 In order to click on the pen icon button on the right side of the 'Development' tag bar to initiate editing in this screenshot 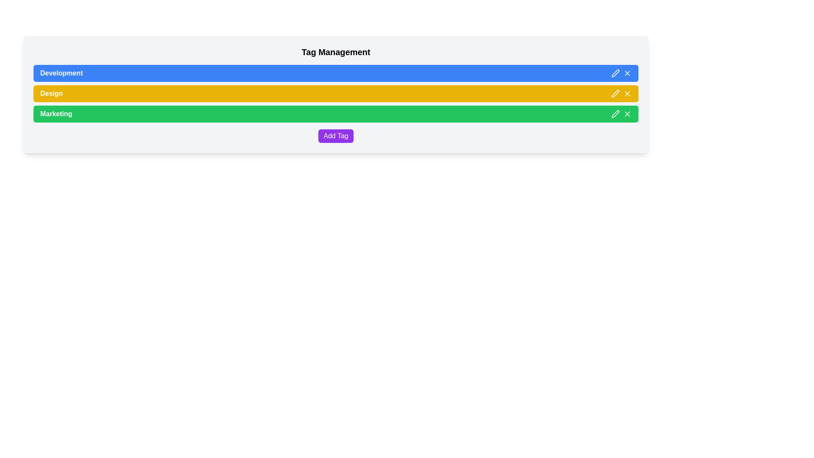, I will do `click(615, 73)`.